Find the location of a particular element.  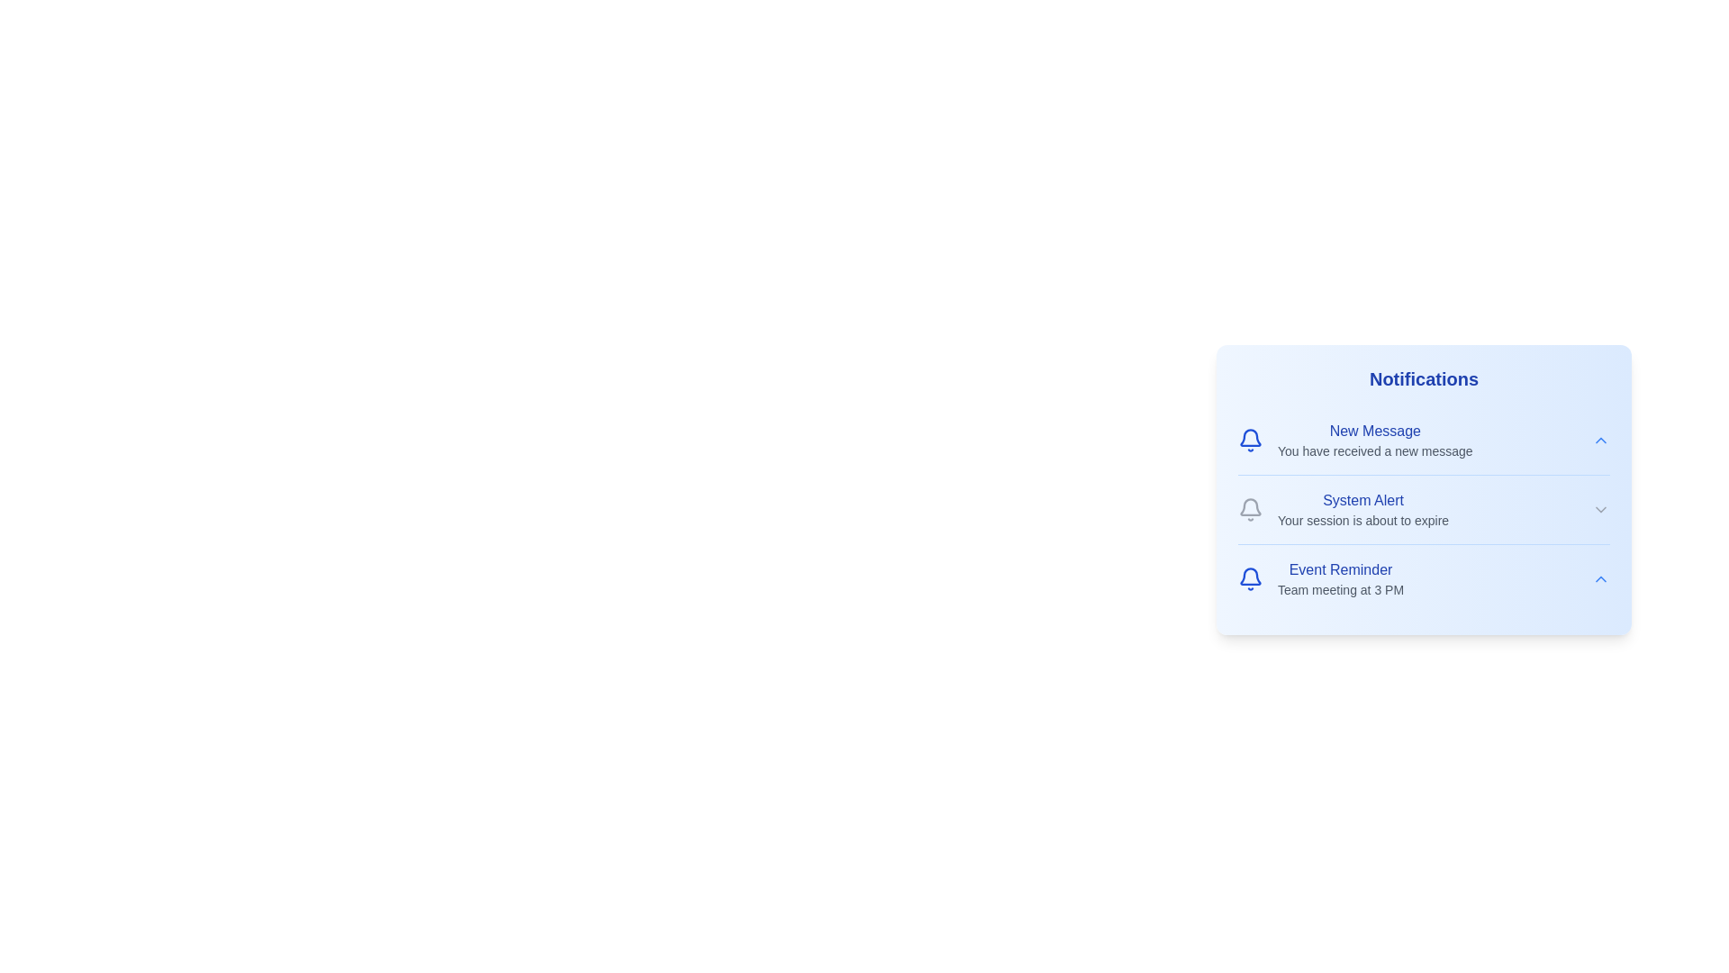

the notification icon for New Message is located at coordinates (1249, 441).